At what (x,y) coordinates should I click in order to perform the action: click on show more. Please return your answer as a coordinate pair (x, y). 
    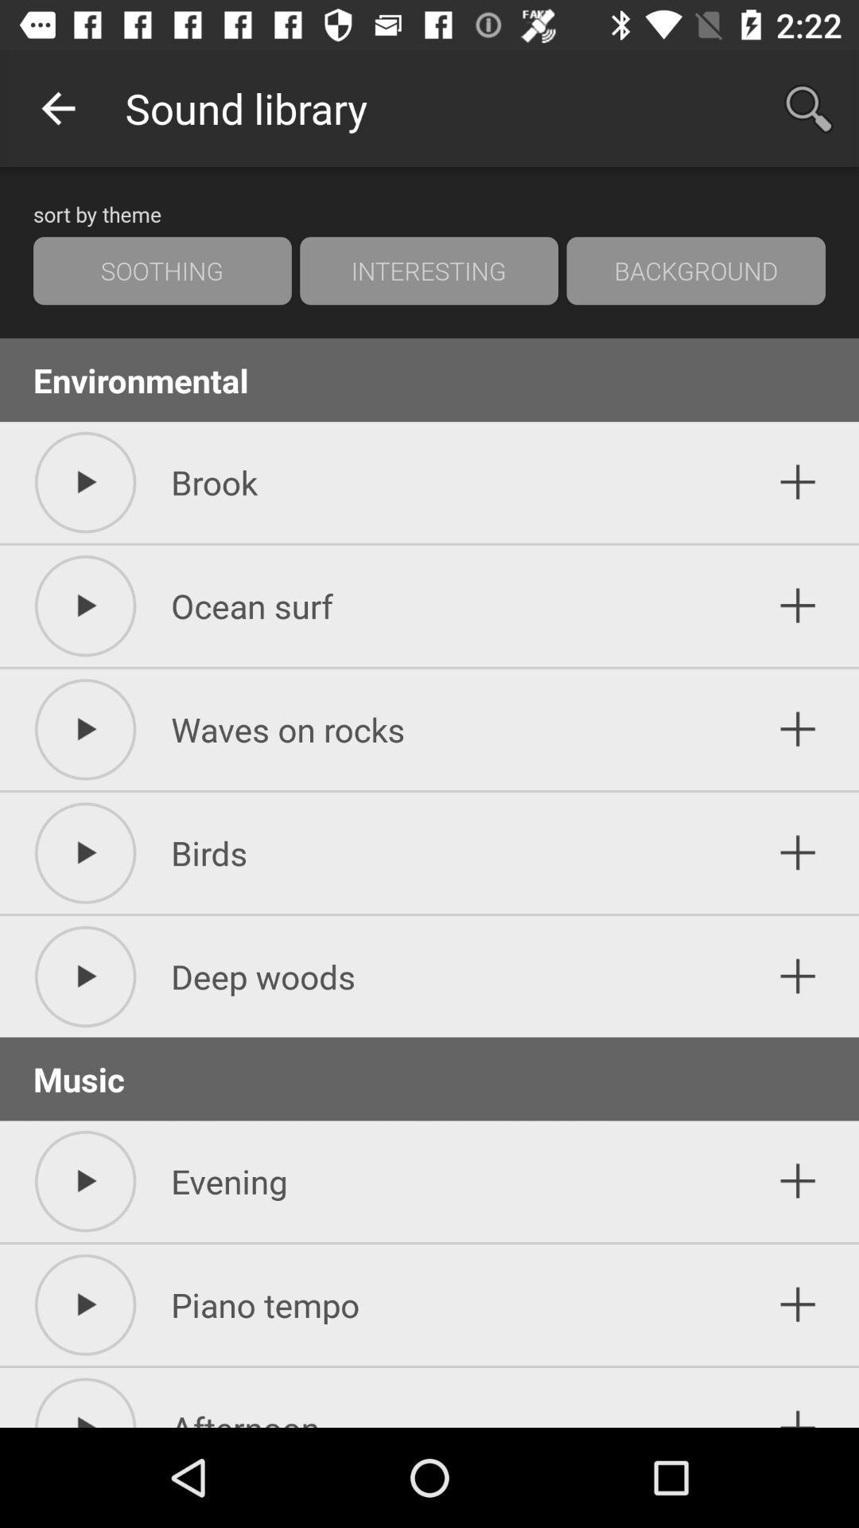
    Looking at the image, I should click on (798, 481).